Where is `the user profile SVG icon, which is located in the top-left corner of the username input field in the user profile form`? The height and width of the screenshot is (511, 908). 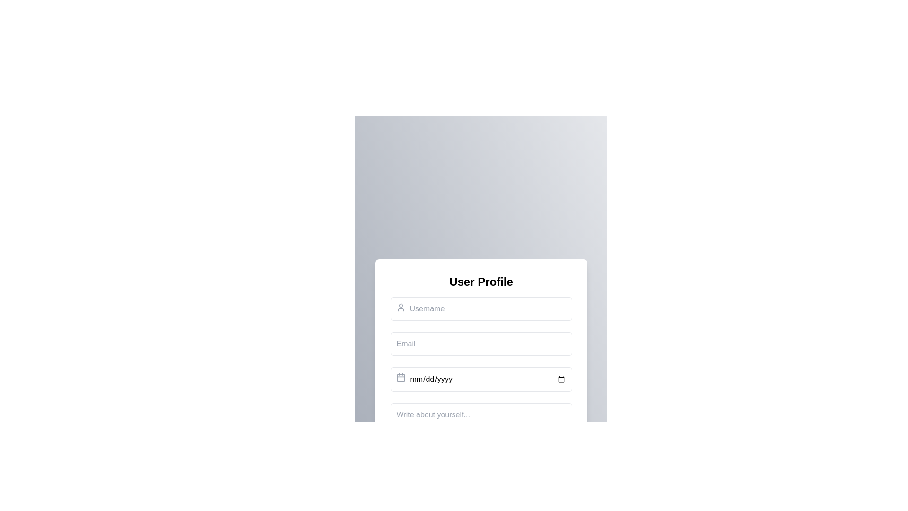
the user profile SVG icon, which is located in the top-left corner of the username input field in the user profile form is located at coordinates (401, 308).